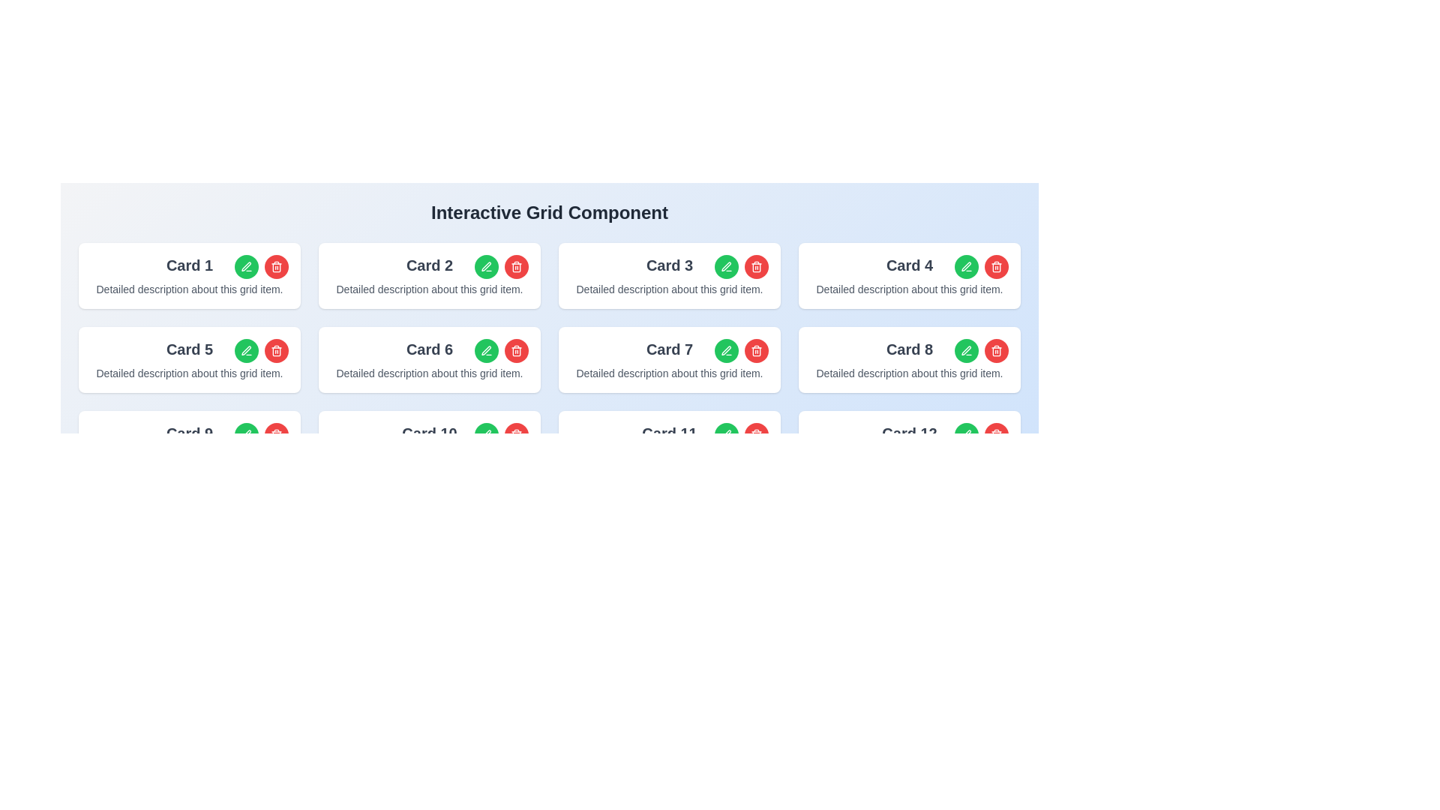 Image resolution: width=1440 pixels, height=810 pixels. Describe the element at coordinates (501, 265) in the screenshot. I see `the red button within the Action group located at the top-right corner of 'Card 2' to initiate deletion` at that location.